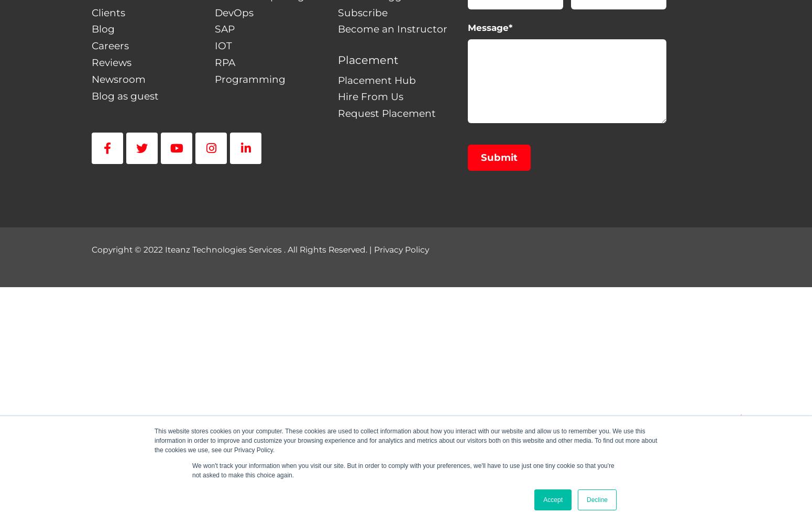 Image resolution: width=812 pixels, height=524 pixels. Describe the element at coordinates (337, 12) in the screenshot. I see `'Subscribe'` at that location.